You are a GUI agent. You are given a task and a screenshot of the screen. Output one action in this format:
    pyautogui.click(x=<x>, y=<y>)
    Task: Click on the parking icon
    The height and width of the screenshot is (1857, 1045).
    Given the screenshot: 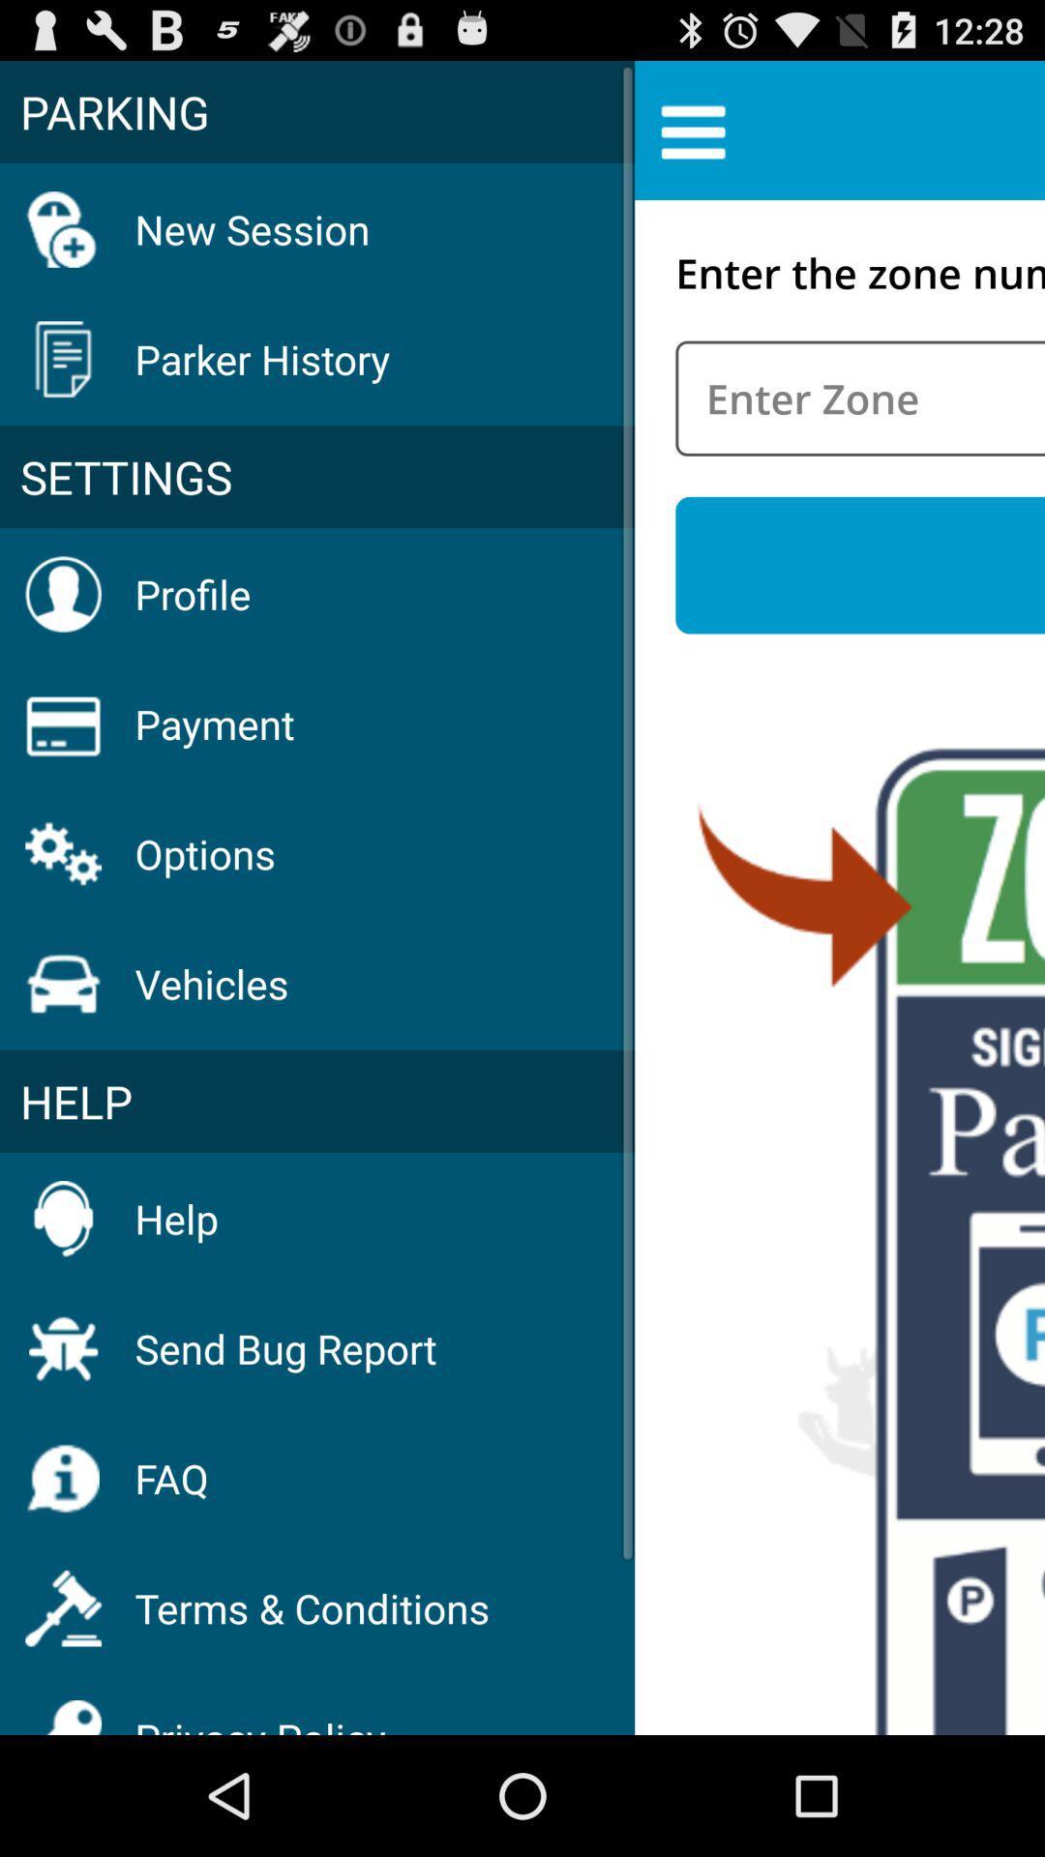 What is the action you would take?
    pyautogui.click(x=316, y=110)
    